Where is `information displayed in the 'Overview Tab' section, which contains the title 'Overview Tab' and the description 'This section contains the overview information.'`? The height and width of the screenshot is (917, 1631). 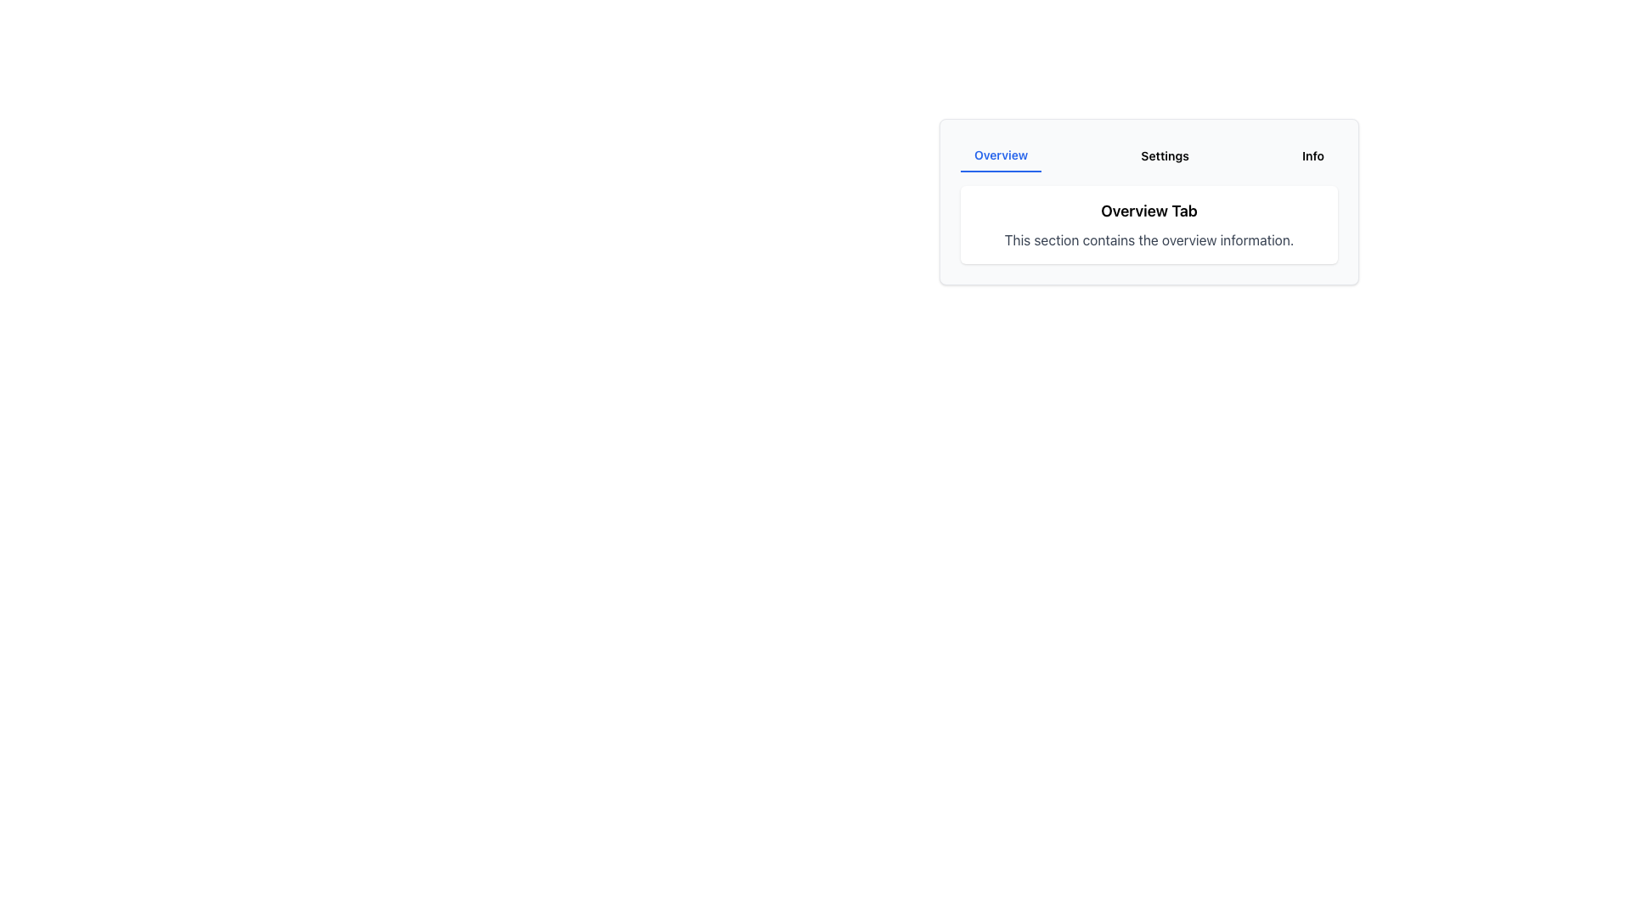
information displayed in the 'Overview Tab' section, which contains the title 'Overview Tab' and the description 'This section contains the overview information.' is located at coordinates (1149, 224).